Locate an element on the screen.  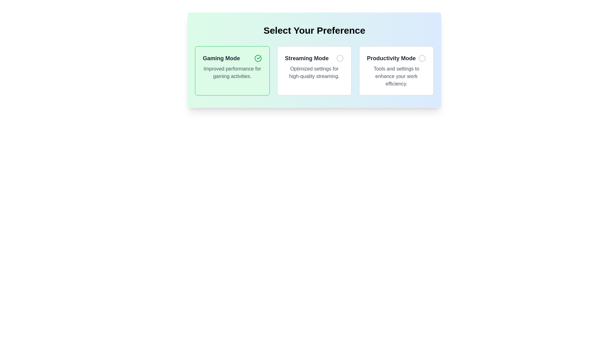
the radio button indicator for 'Productivity Mode' is located at coordinates (422, 58).